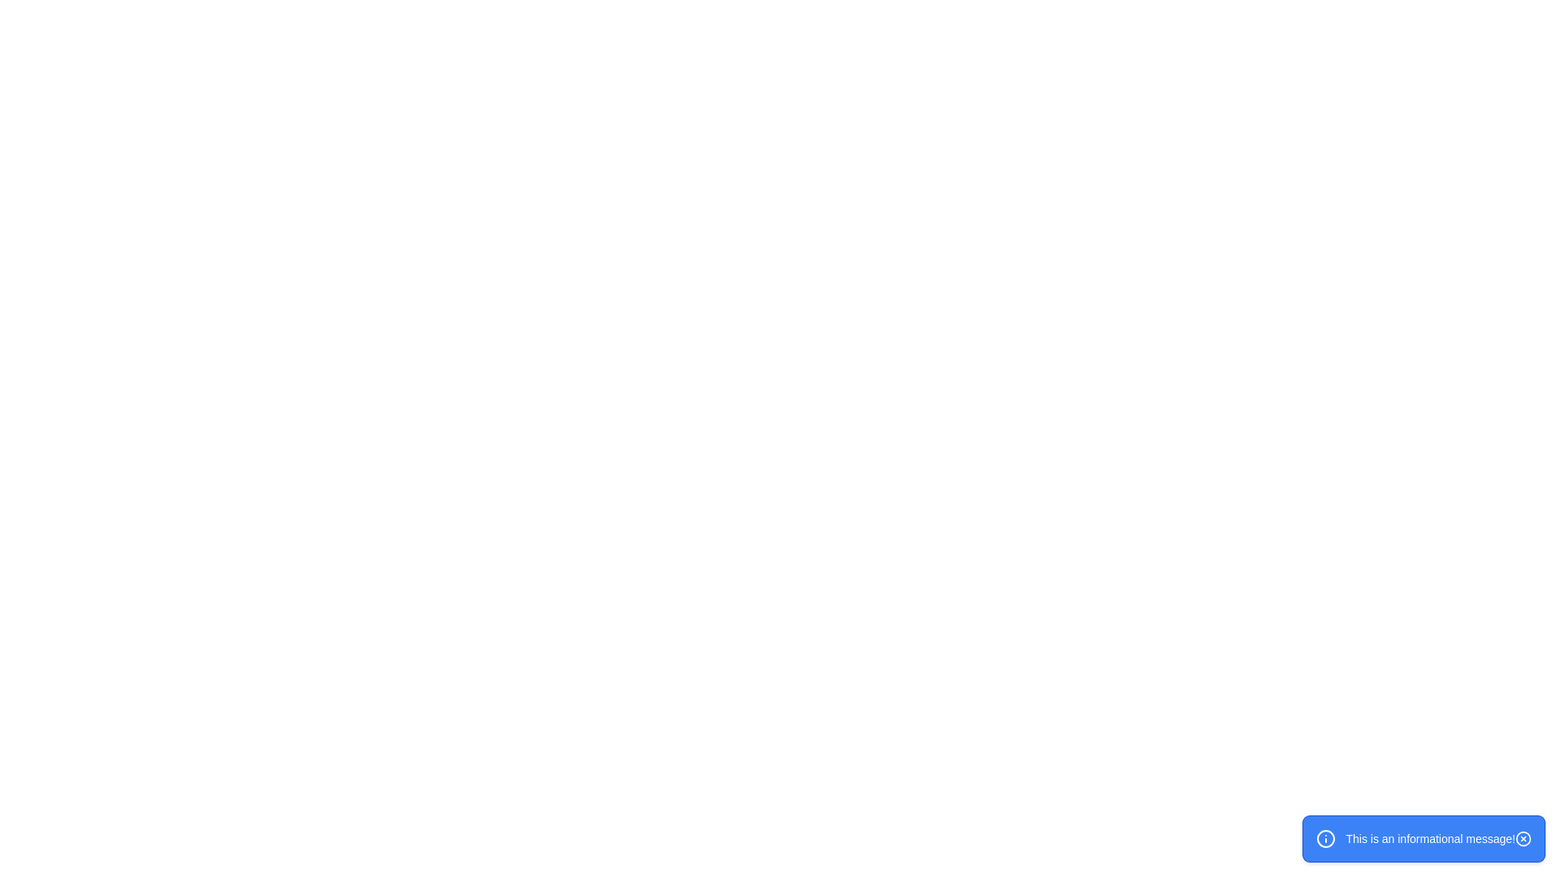  Describe the element at coordinates (1326, 839) in the screenshot. I see `the icon representing the message type located at its center coordinates` at that location.